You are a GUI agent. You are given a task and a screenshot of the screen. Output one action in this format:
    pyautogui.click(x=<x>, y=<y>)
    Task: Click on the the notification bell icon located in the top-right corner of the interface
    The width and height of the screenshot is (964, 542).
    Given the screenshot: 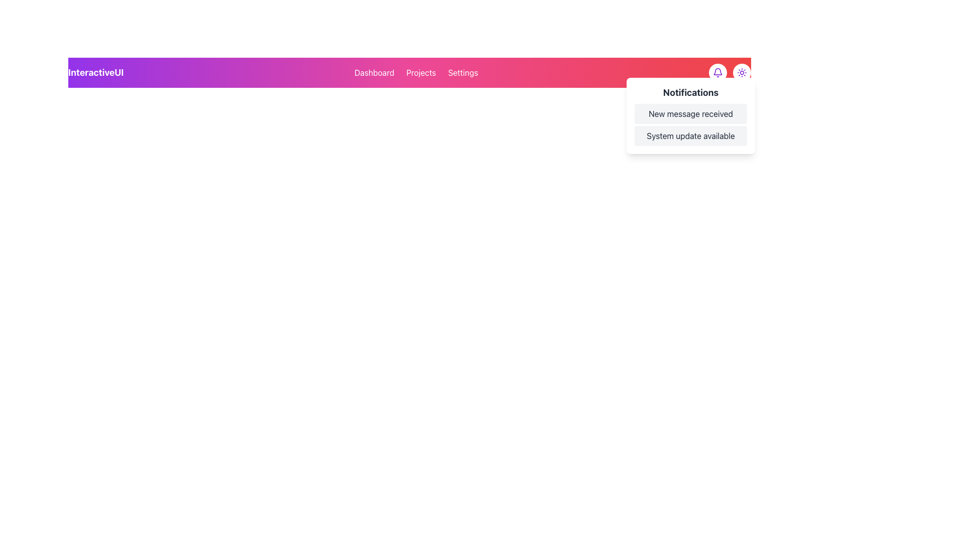 What is the action you would take?
    pyautogui.click(x=717, y=72)
    